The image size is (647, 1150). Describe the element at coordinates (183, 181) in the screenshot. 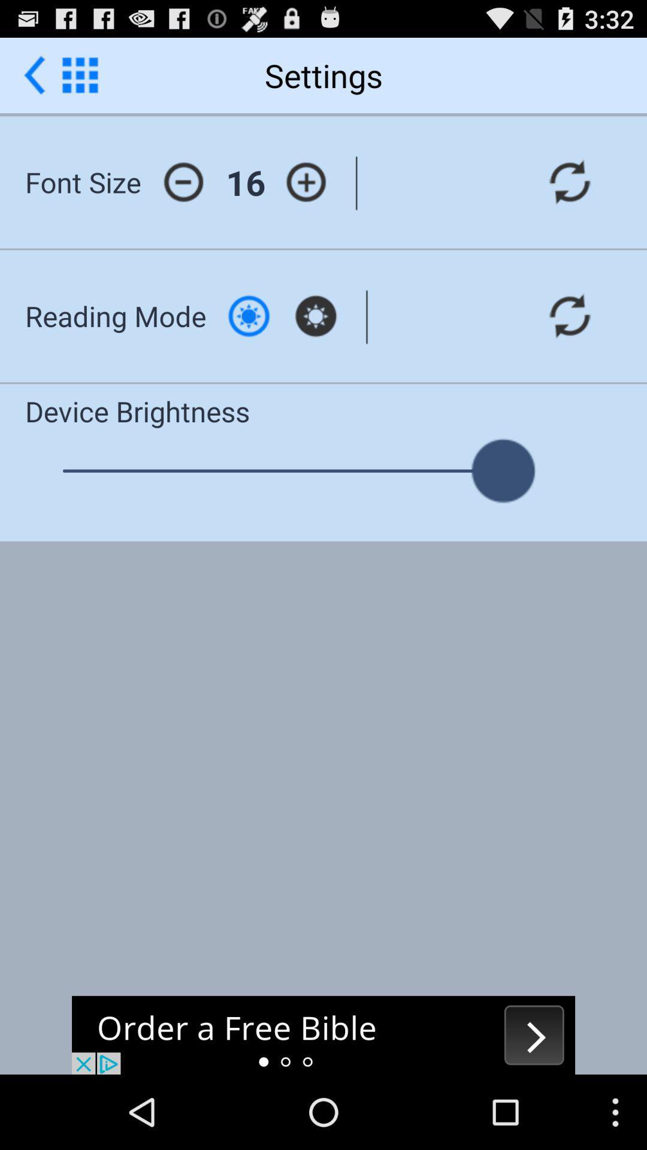

I see `reduce font size` at that location.